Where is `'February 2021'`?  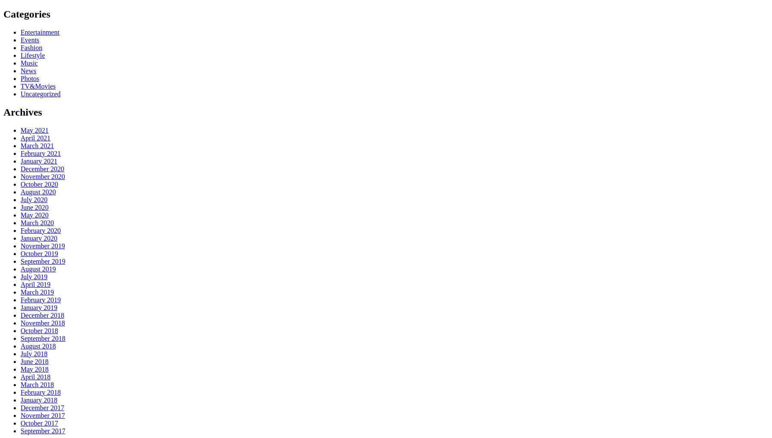
'February 2021' is located at coordinates (40, 152).